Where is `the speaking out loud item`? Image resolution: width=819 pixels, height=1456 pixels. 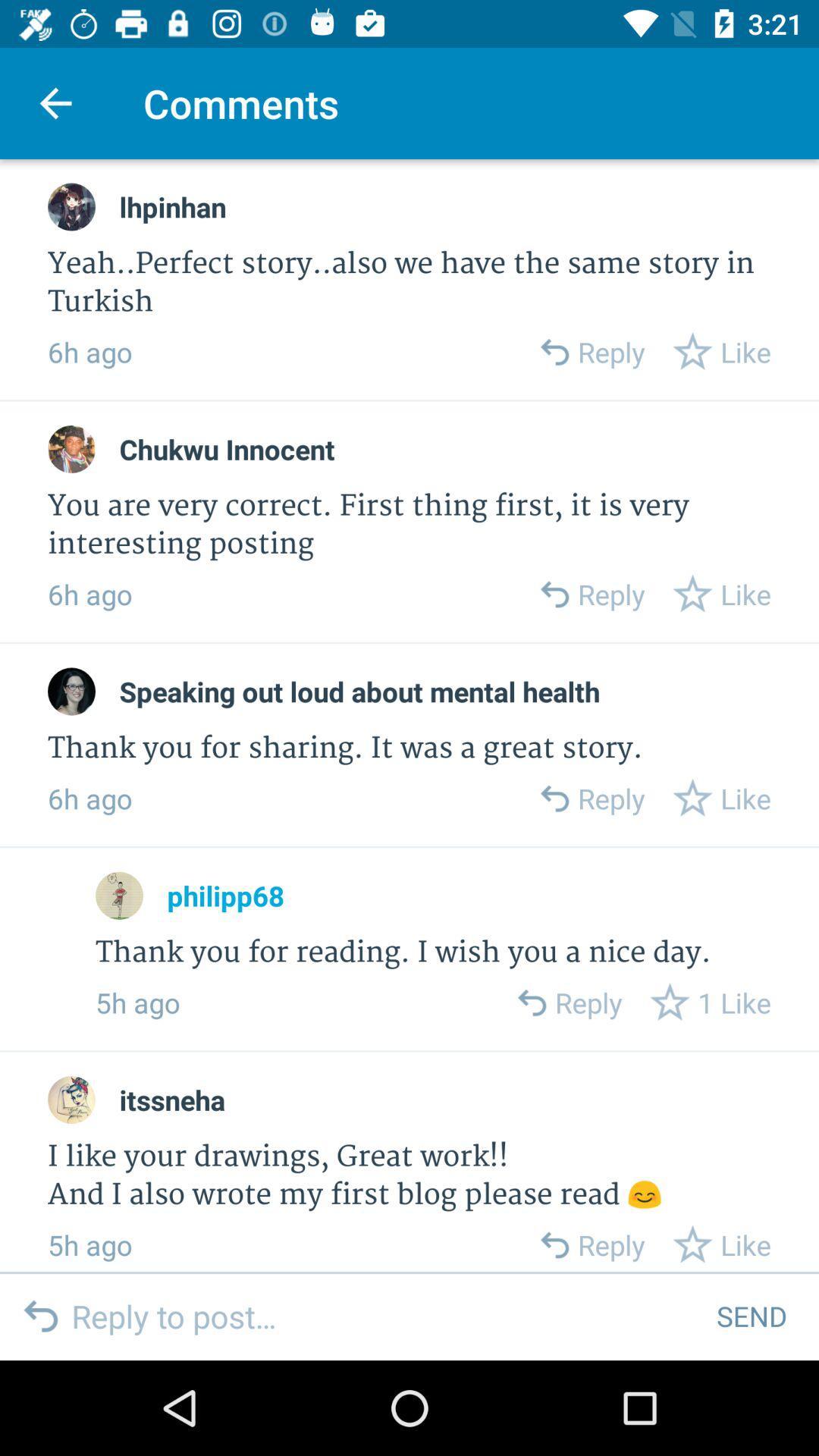 the speaking out loud item is located at coordinates (359, 691).